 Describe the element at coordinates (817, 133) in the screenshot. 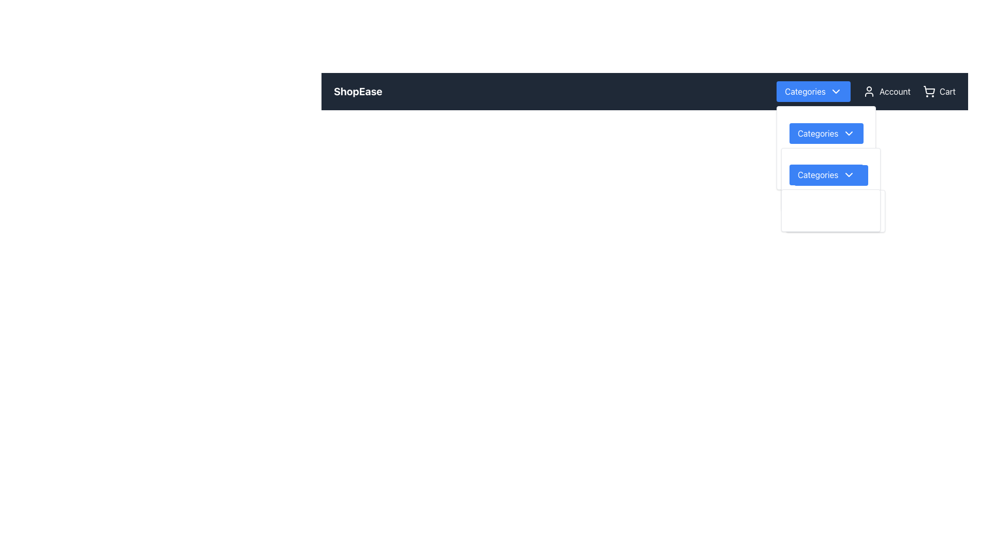

I see `the blue button containing the text label` at that location.